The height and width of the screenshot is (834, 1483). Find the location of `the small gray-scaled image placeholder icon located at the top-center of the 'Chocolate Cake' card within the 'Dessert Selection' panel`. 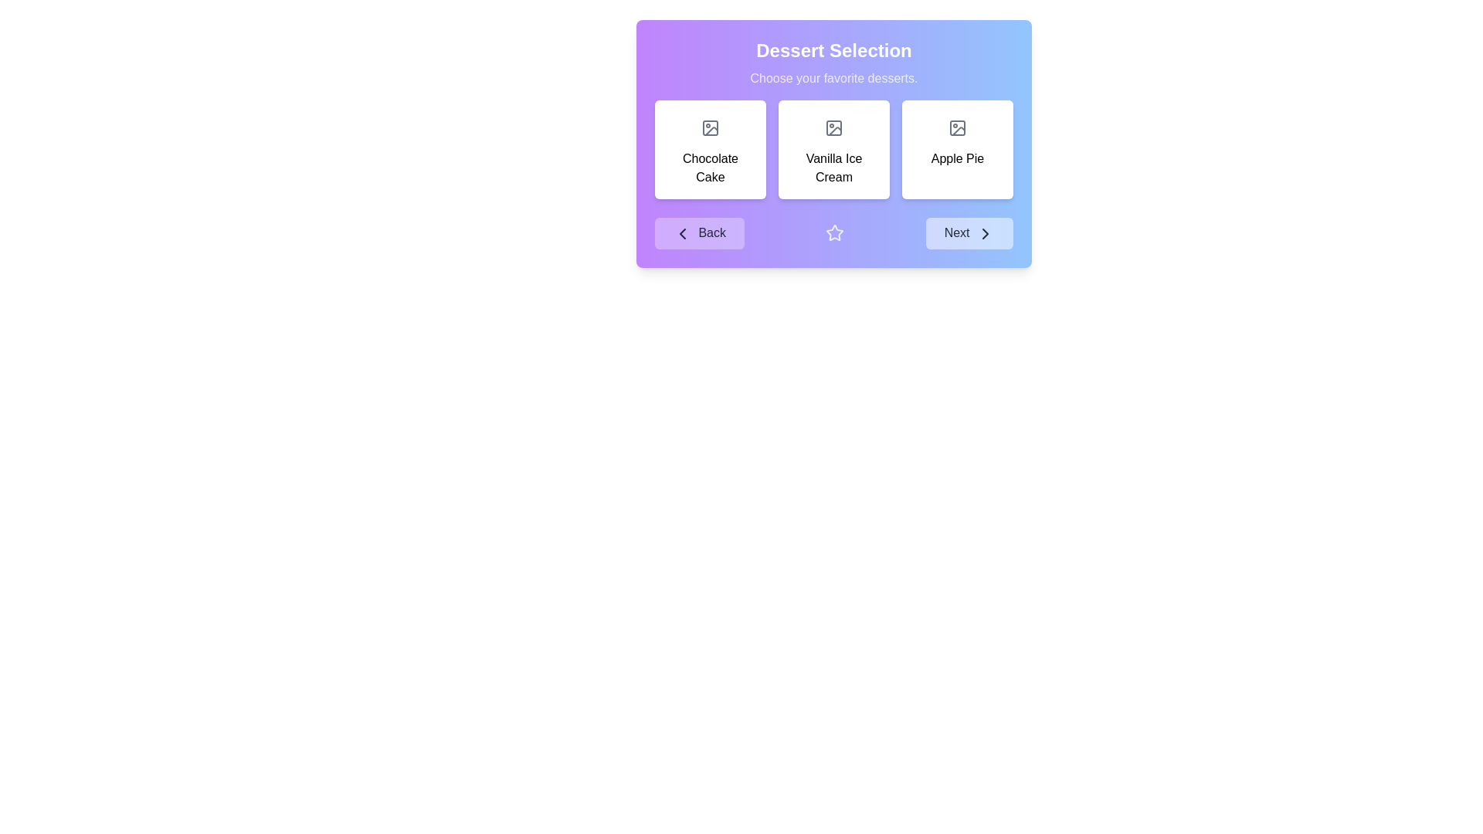

the small gray-scaled image placeholder icon located at the top-center of the 'Chocolate Cake' card within the 'Dessert Selection' panel is located at coordinates (710, 127).